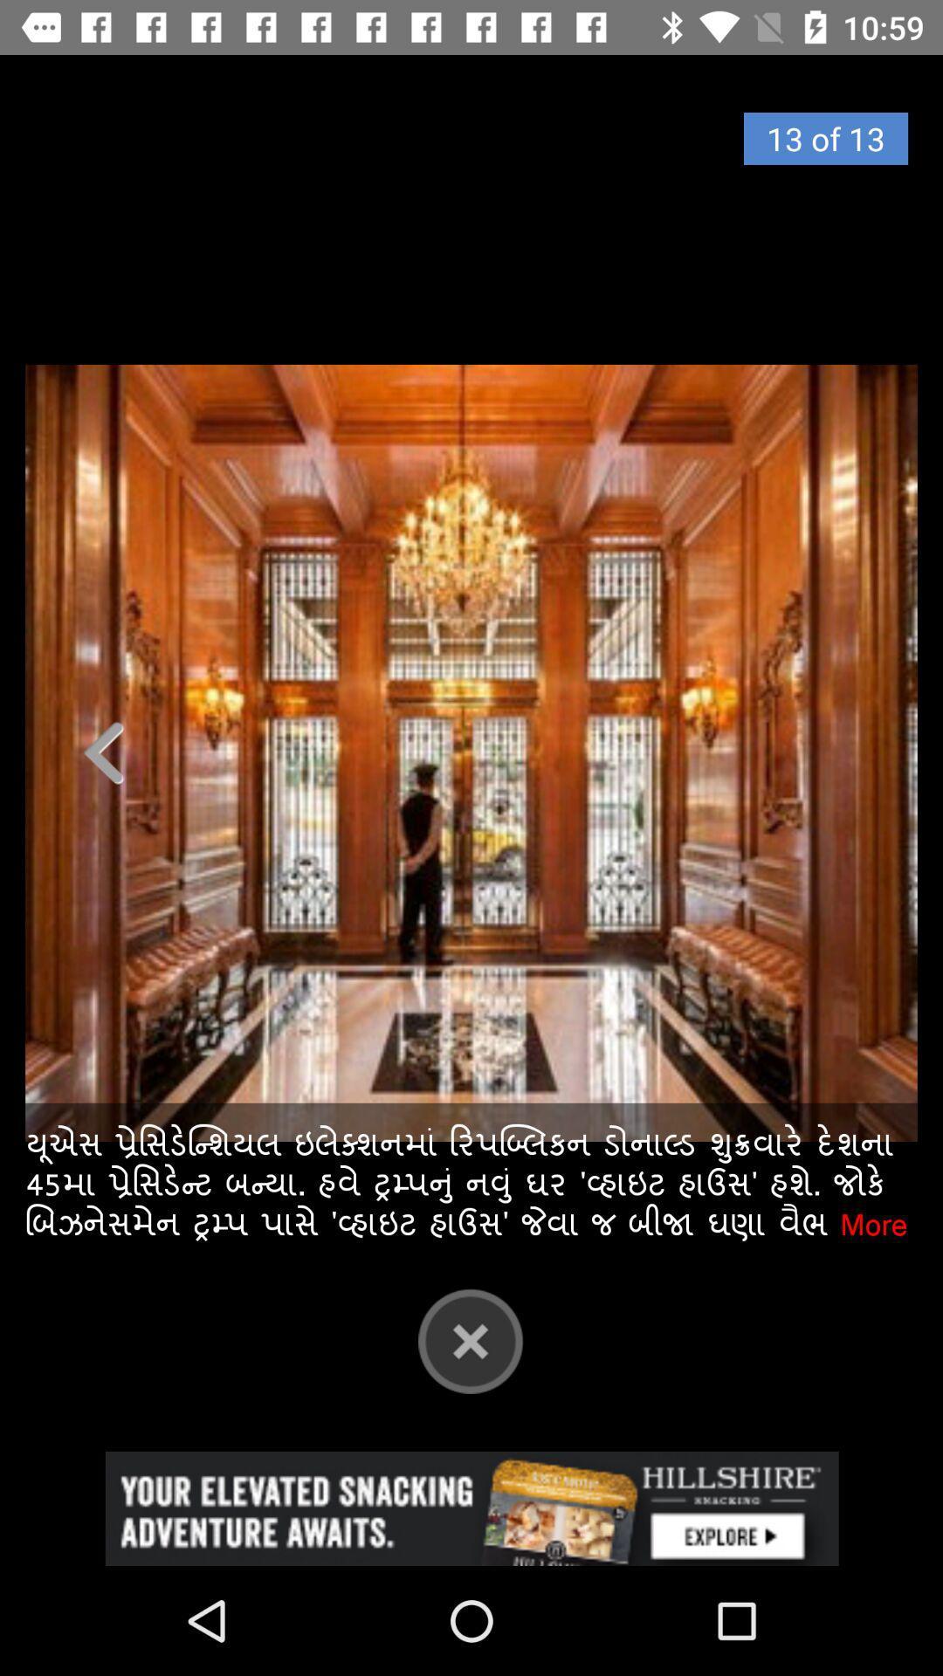 Image resolution: width=943 pixels, height=1676 pixels. What do you see at coordinates (471, 1508) in the screenshot?
I see `open advertisement` at bounding box center [471, 1508].